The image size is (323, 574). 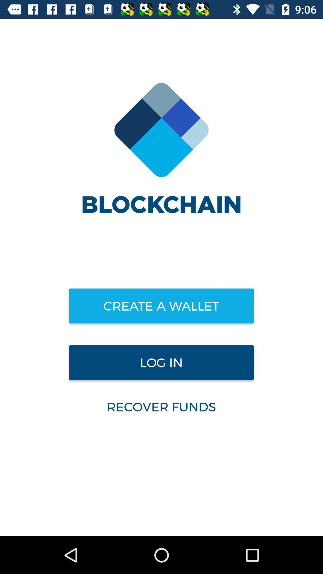 What do you see at coordinates (161, 407) in the screenshot?
I see `the recover funds icon` at bounding box center [161, 407].